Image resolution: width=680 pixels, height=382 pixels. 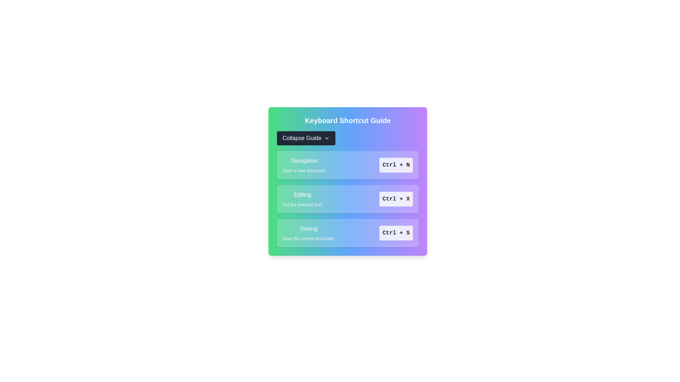 I want to click on the toggle button for the guide interface, so click(x=306, y=138).